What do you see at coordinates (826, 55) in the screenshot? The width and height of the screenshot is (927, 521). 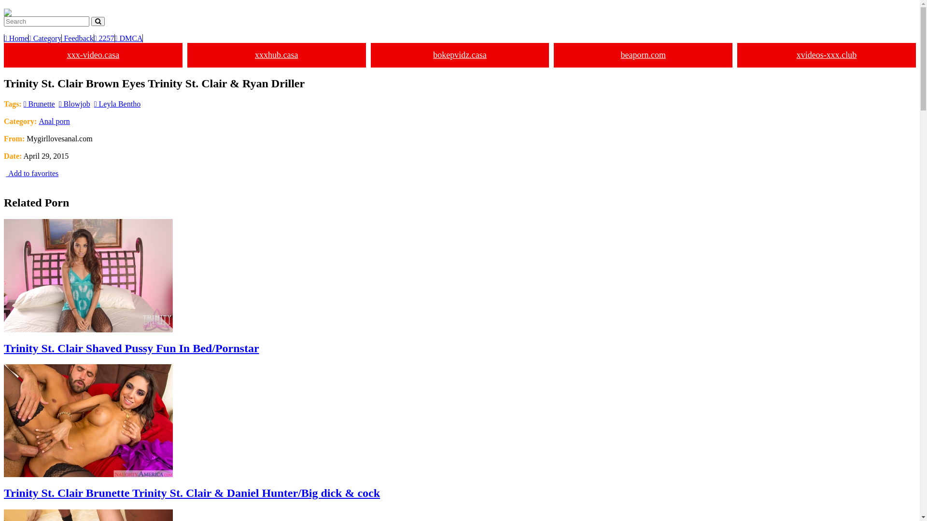 I see `'xvideos-xxx.club'` at bounding box center [826, 55].